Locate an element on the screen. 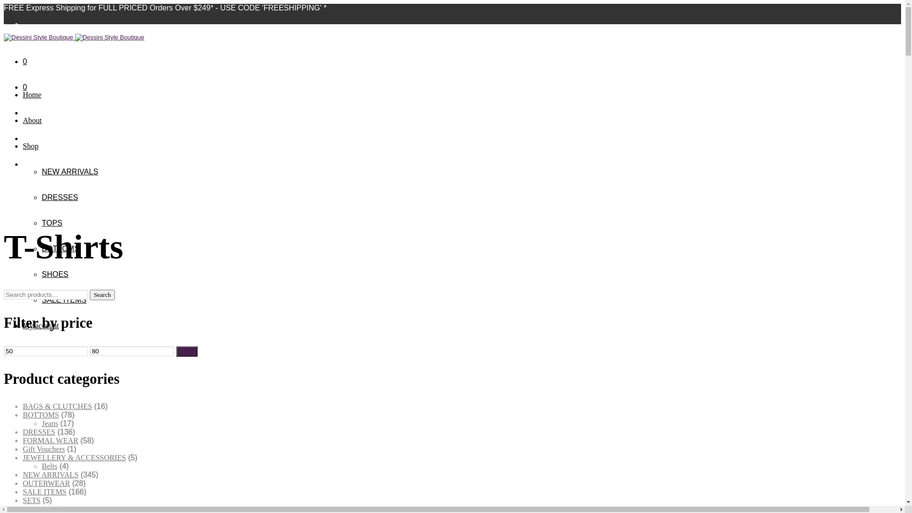 This screenshot has height=513, width=912. 'Search' is located at coordinates (102, 294).